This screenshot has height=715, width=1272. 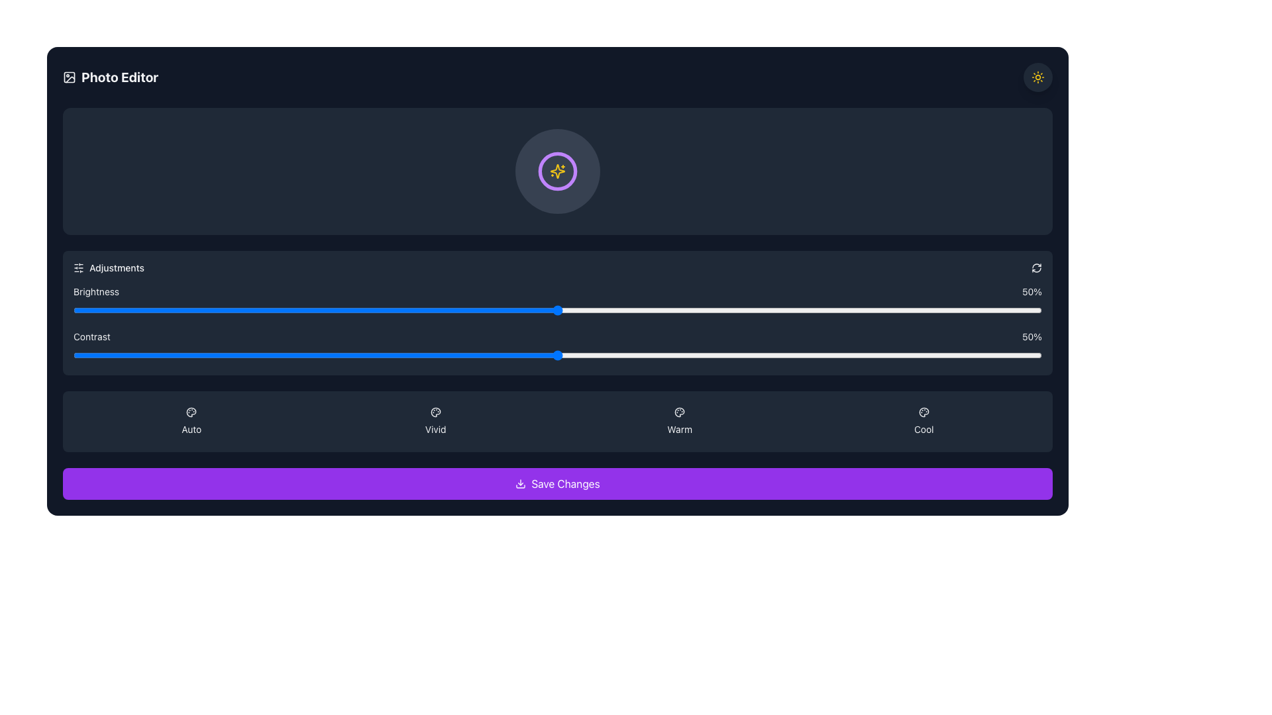 What do you see at coordinates (712, 310) in the screenshot?
I see `brightness` at bounding box center [712, 310].